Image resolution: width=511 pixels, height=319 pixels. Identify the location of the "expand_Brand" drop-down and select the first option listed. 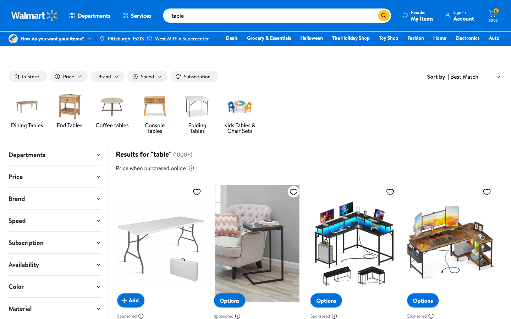
(54, 198).